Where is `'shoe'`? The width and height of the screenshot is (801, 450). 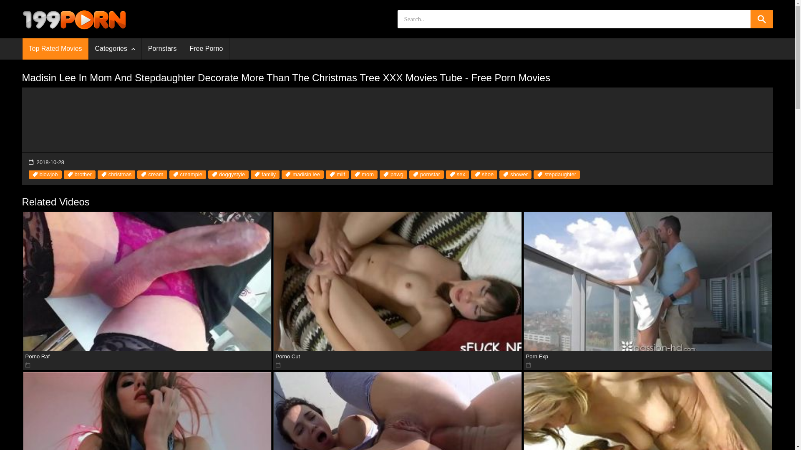 'shoe' is located at coordinates (484, 174).